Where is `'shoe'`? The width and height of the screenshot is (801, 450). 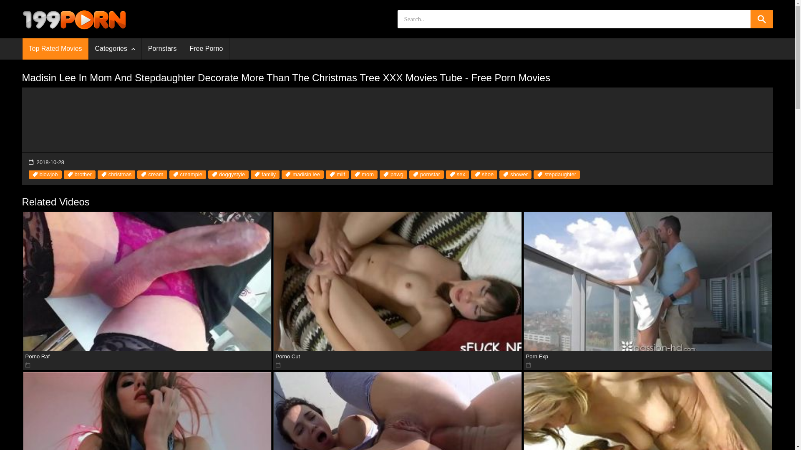 'shoe' is located at coordinates (484, 174).